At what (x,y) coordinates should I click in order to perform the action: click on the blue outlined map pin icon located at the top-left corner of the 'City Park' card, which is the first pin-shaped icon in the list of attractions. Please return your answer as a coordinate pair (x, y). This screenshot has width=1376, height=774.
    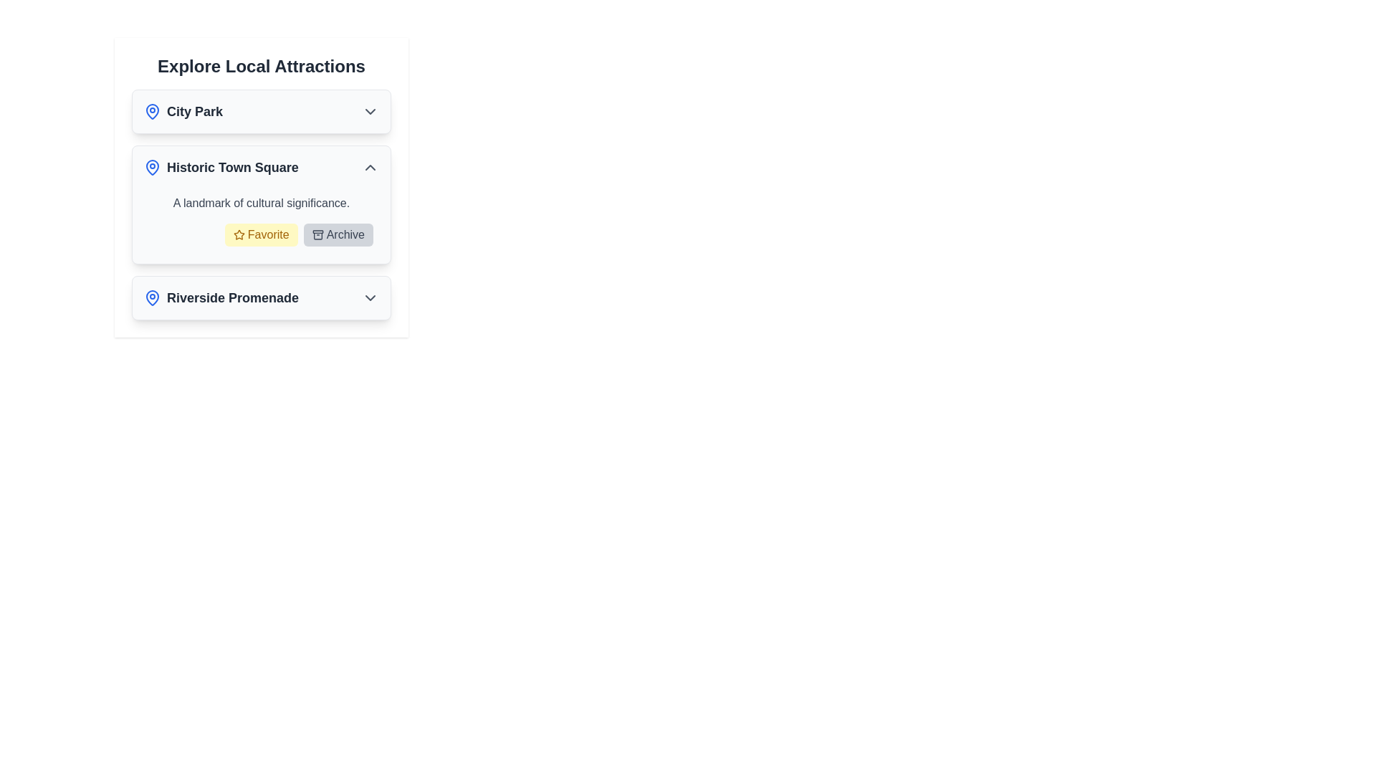
    Looking at the image, I should click on (152, 110).